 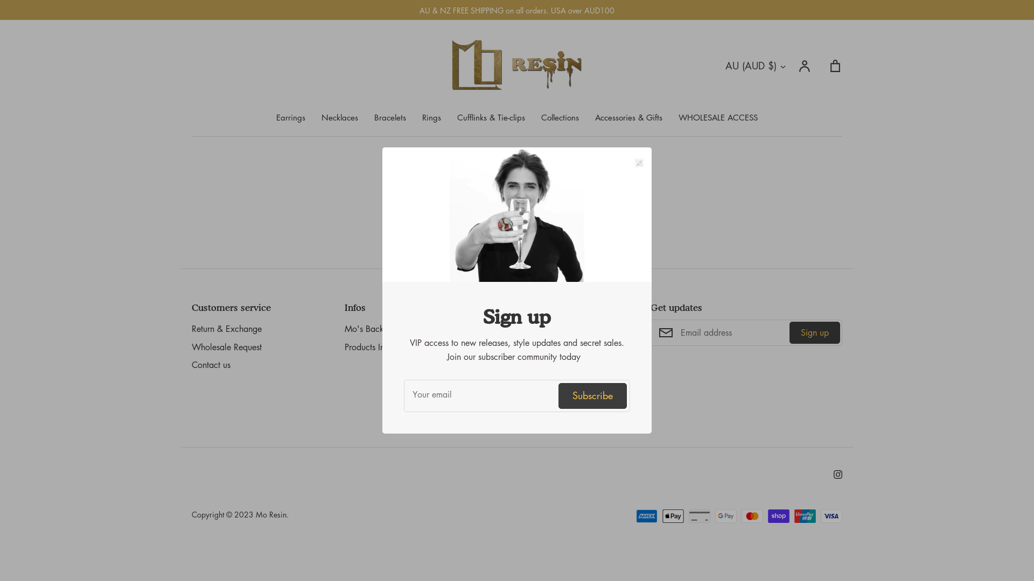 I want to click on 'AU (AUD $)', so click(x=756, y=66).